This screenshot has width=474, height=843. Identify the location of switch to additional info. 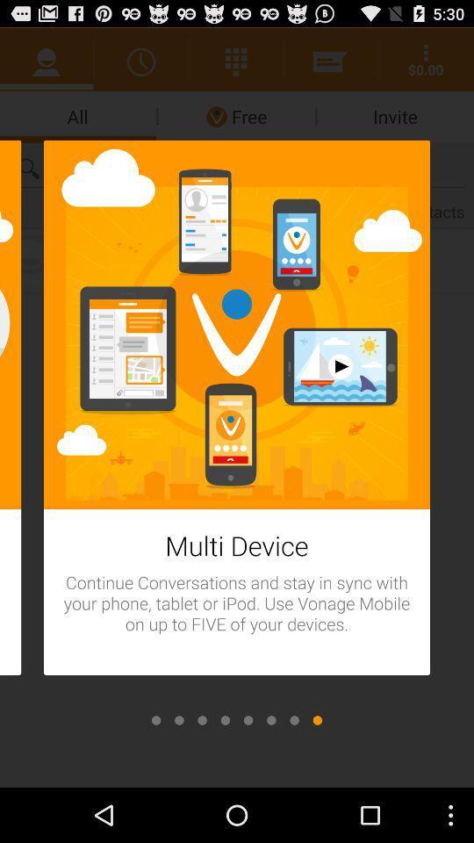
(178, 720).